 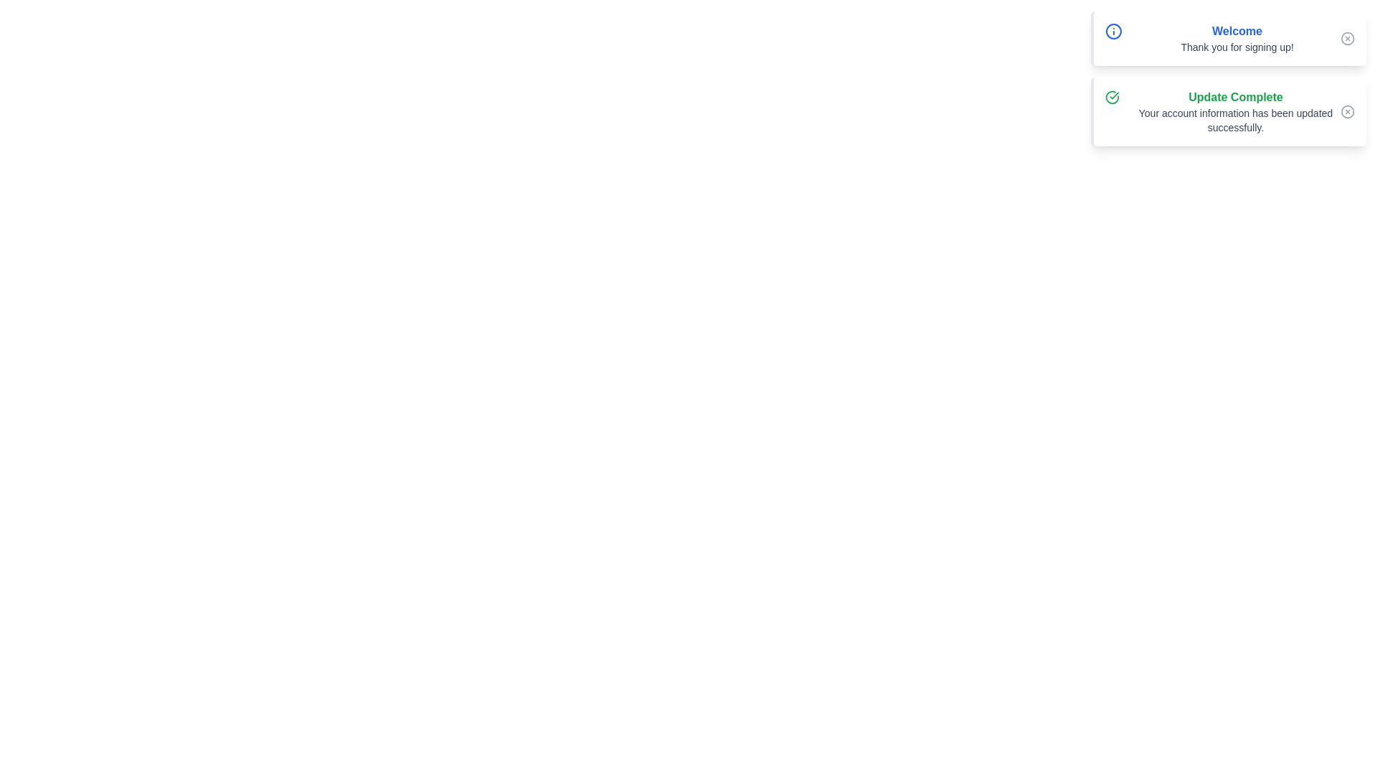 What do you see at coordinates (1234, 97) in the screenshot?
I see `the headline text of the notification indicating successful completion of an update operation, which is centrally aligned at the top of its notification card` at bounding box center [1234, 97].